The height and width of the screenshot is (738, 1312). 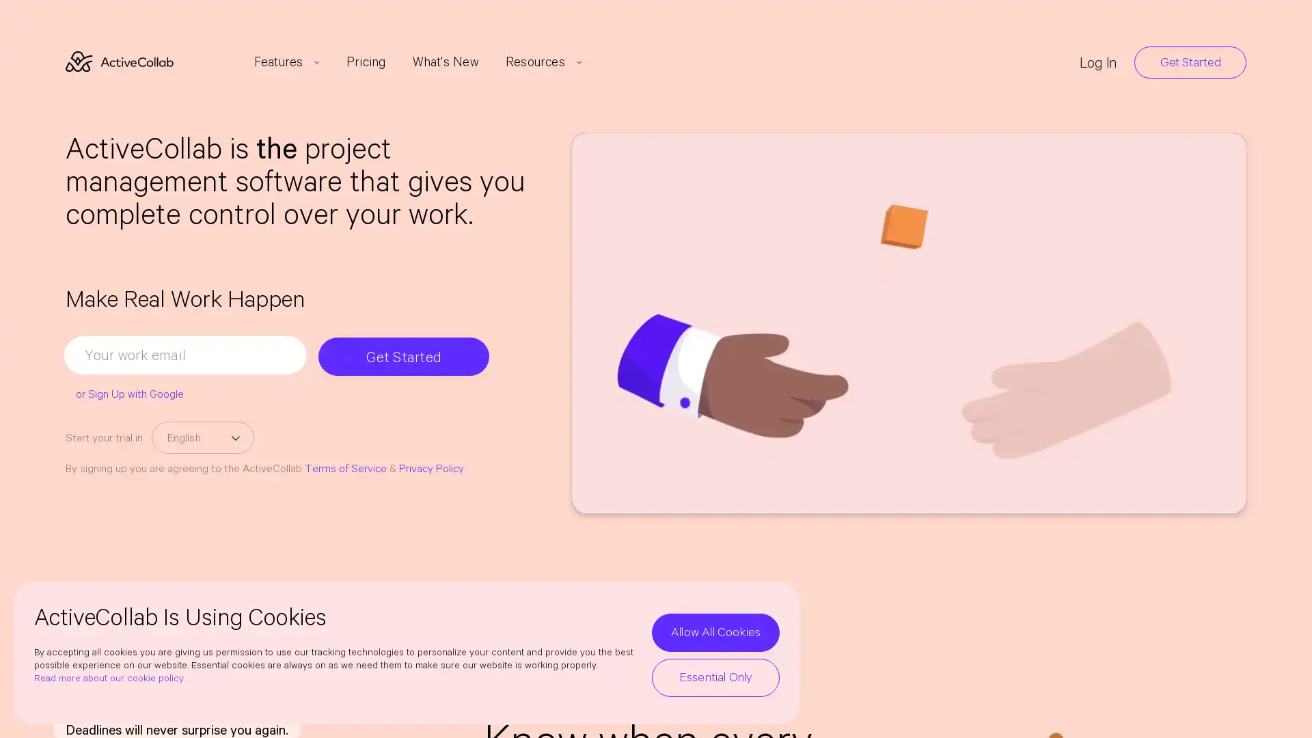 What do you see at coordinates (715, 632) in the screenshot?
I see `Allow All Cookies` at bounding box center [715, 632].